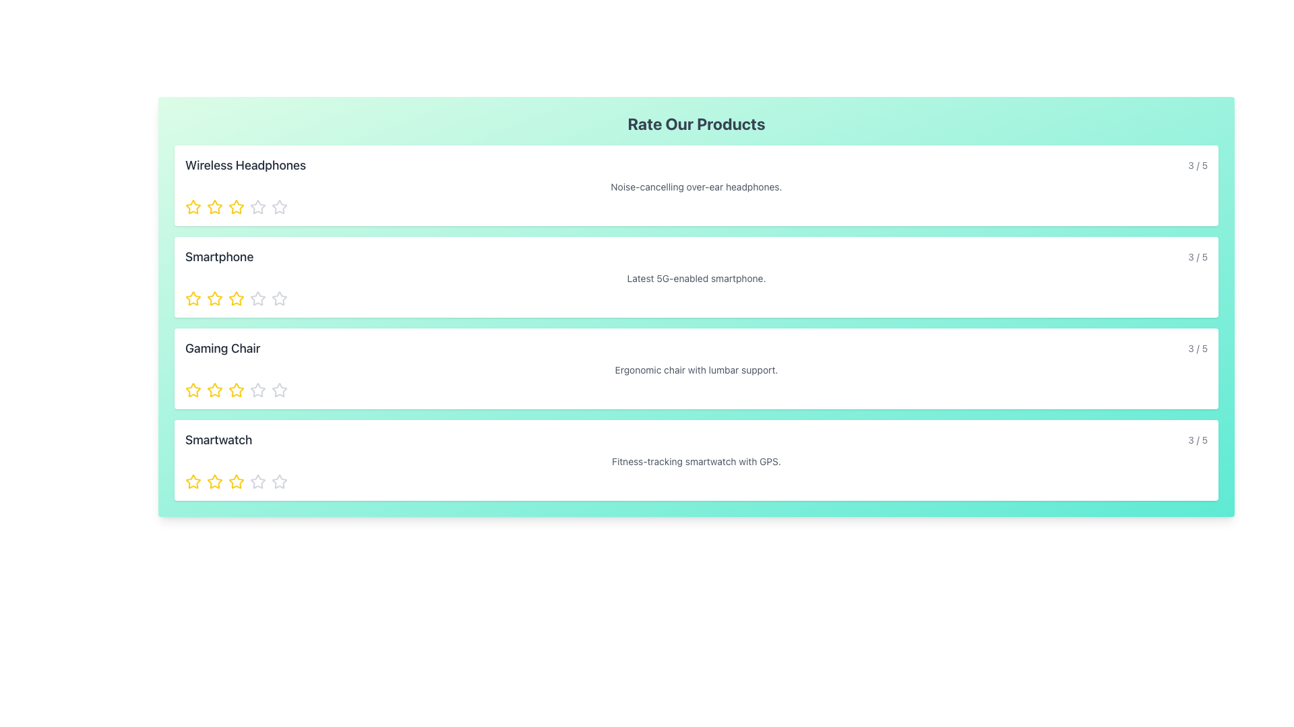  Describe the element at coordinates (278, 207) in the screenshot. I see `the fourth star rating icon in the 'Wireless Headphones' rating section` at that location.